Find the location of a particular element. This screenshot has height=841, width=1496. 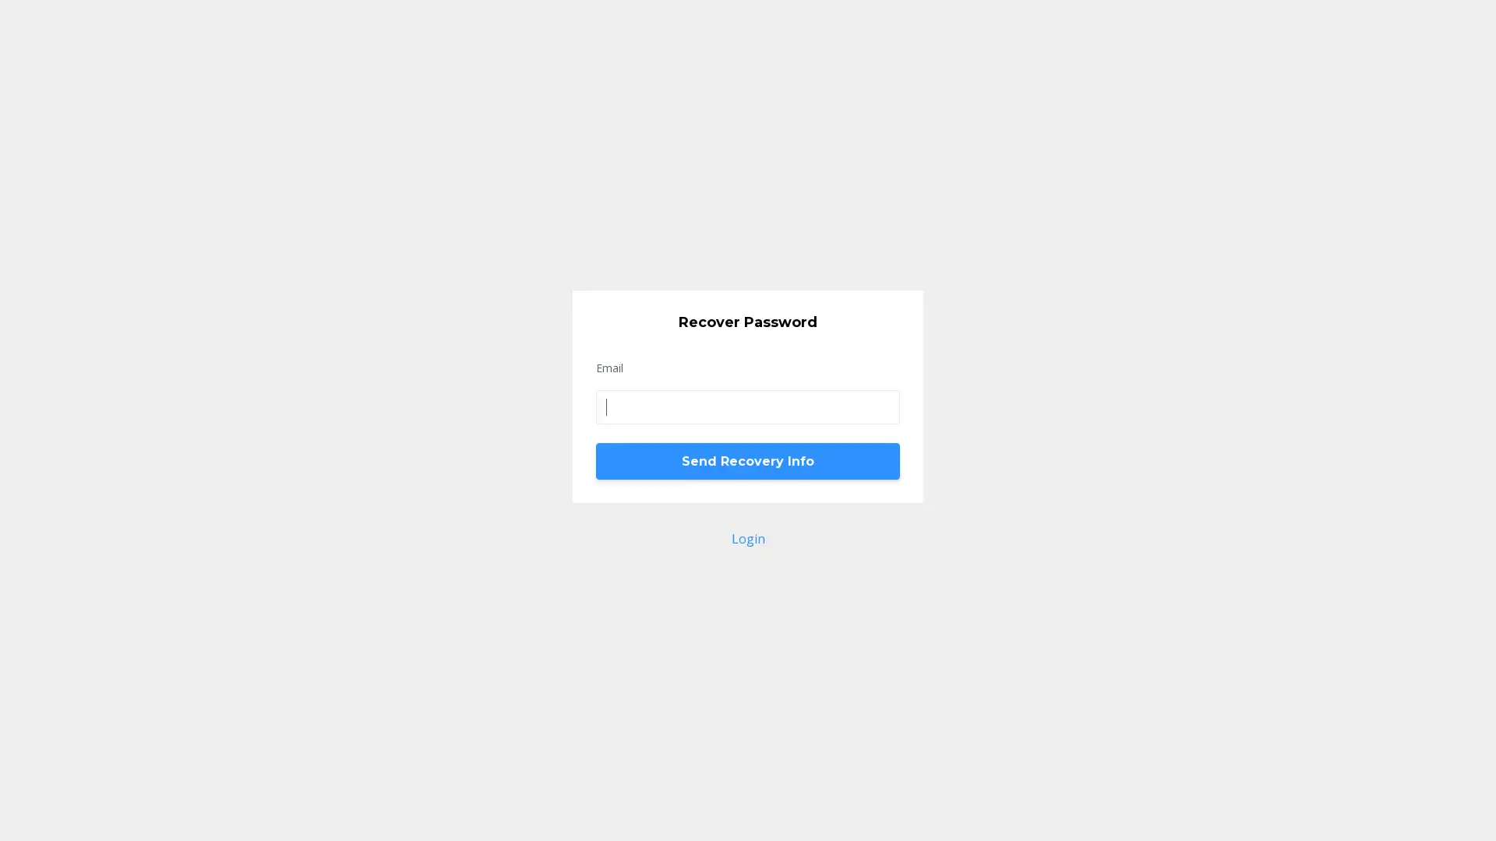

Send Recovery Info is located at coordinates (748, 459).